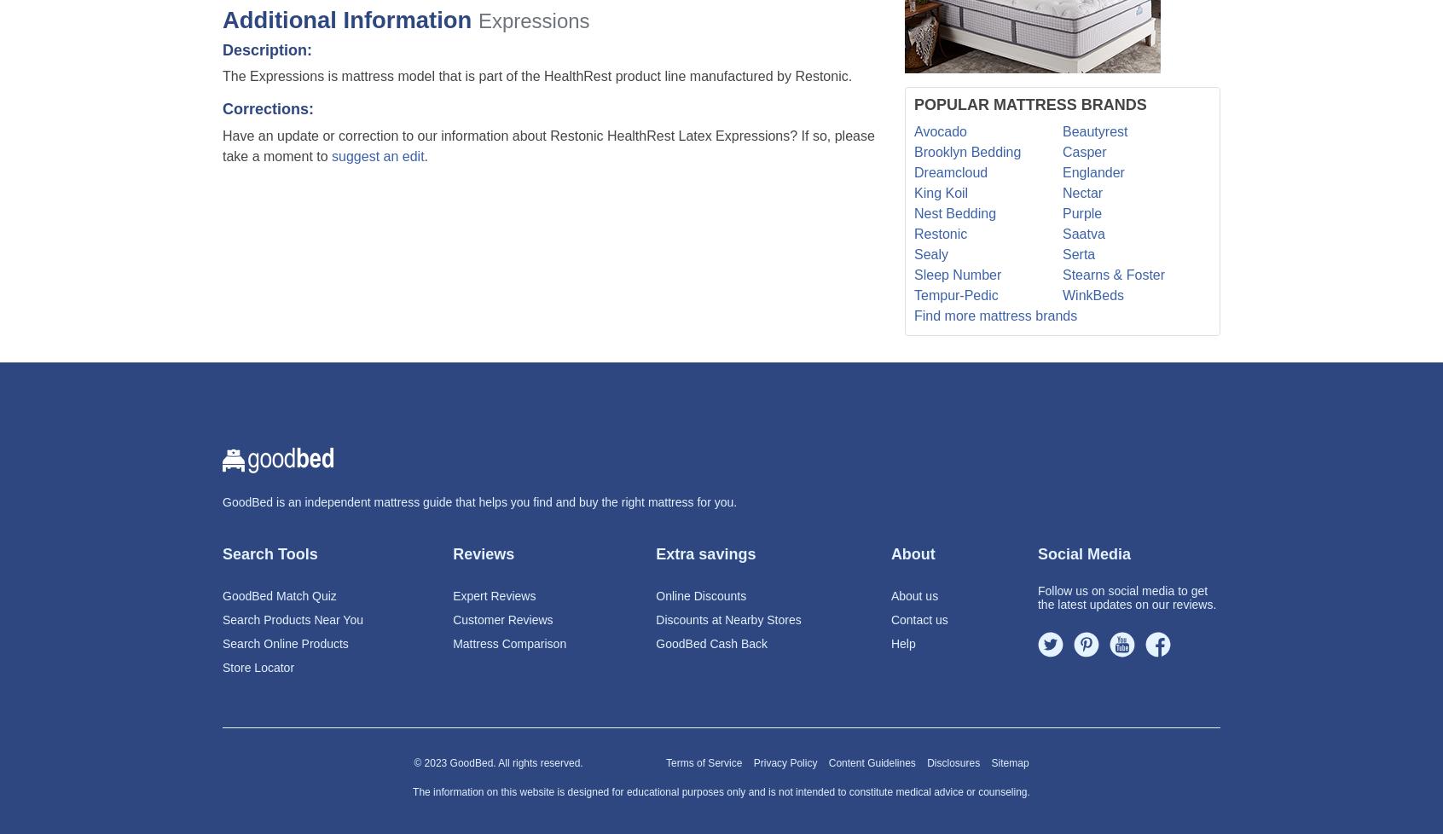  I want to click on 'Contact us', so click(919, 618).